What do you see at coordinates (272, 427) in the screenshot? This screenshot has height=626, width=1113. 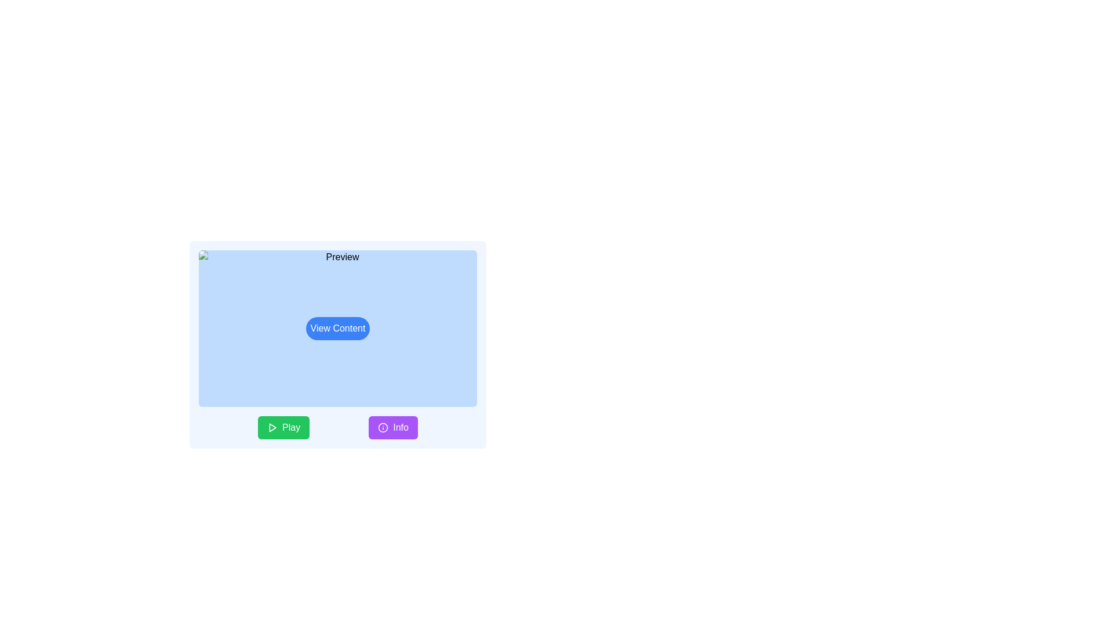 I see `the decorative play icon located inside the left side of the green 'Play' button beneath the 'Preview' content area` at bounding box center [272, 427].